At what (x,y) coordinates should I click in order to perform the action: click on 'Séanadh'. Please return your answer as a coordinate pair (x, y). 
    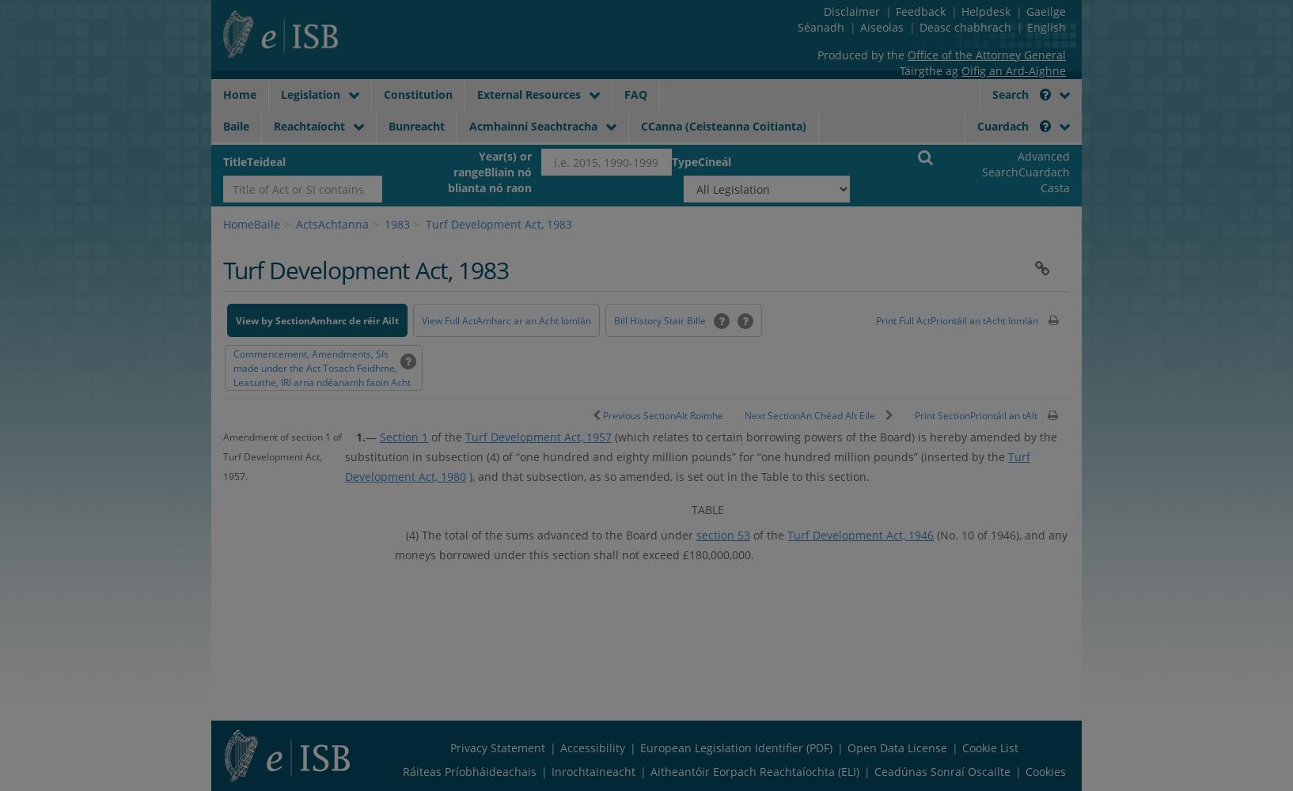
    Looking at the image, I should click on (796, 27).